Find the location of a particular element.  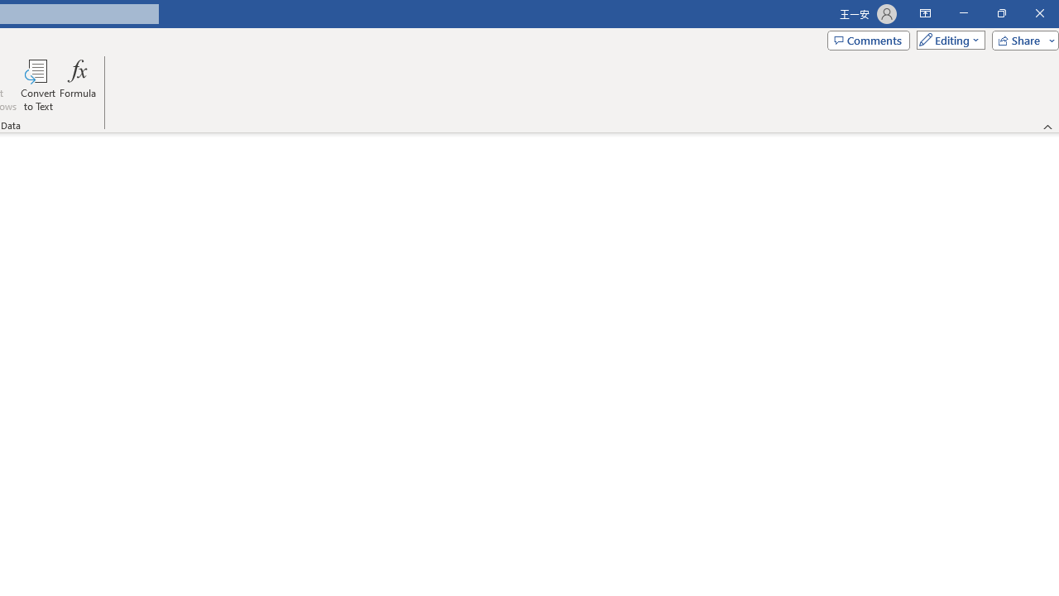

'Close' is located at coordinates (1038, 13).